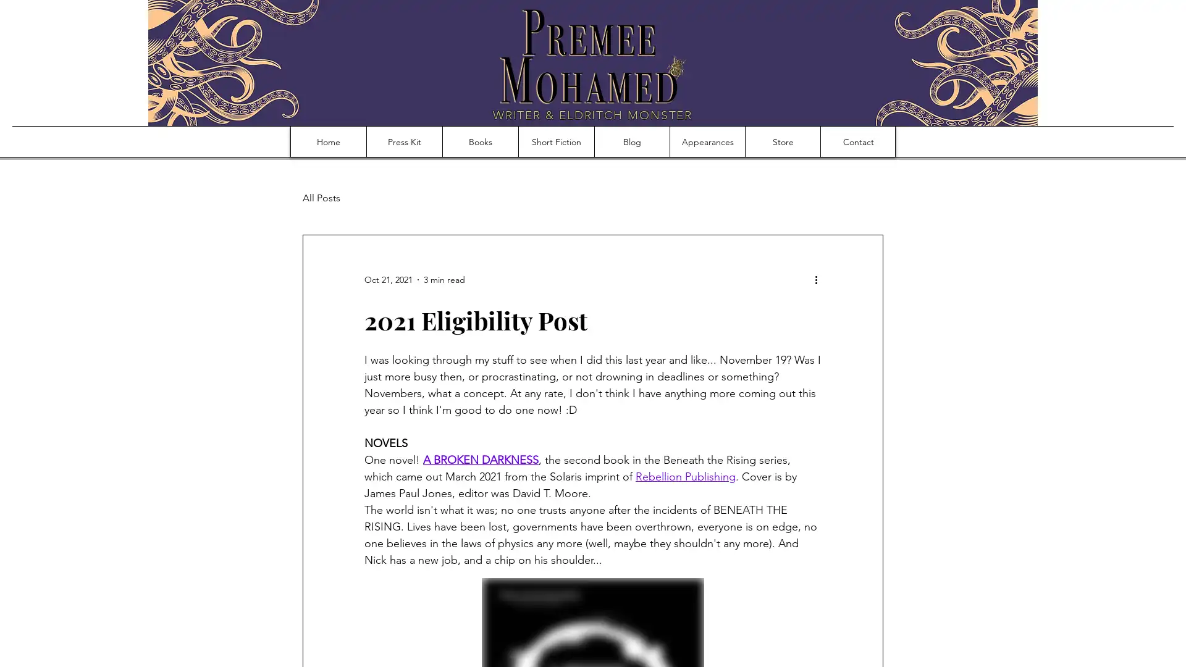  I want to click on More actions, so click(820, 279).